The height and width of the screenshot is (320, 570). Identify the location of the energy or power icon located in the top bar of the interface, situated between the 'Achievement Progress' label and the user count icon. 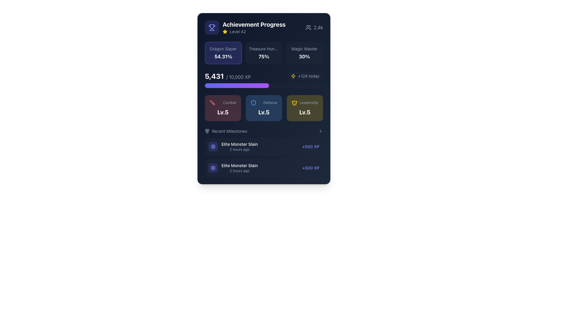
(293, 76).